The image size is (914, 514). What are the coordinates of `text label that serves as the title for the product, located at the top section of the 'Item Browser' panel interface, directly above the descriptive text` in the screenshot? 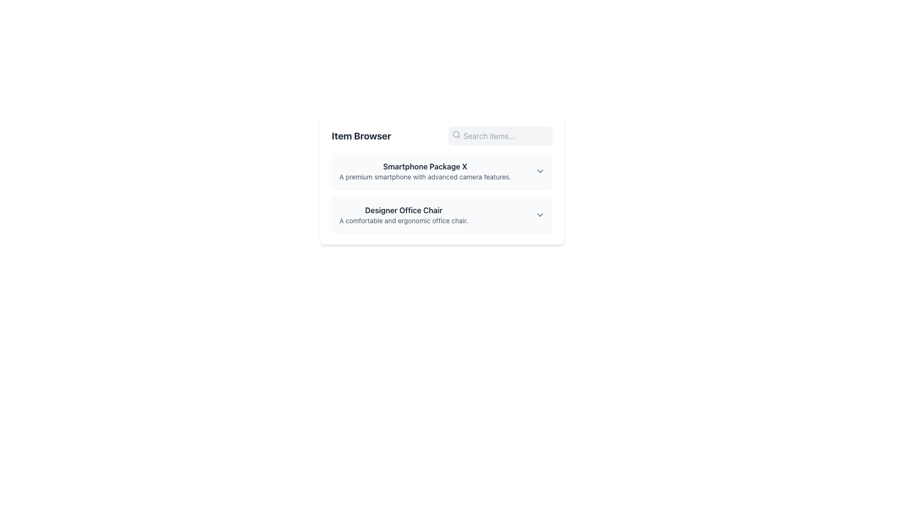 It's located at (425, 166).